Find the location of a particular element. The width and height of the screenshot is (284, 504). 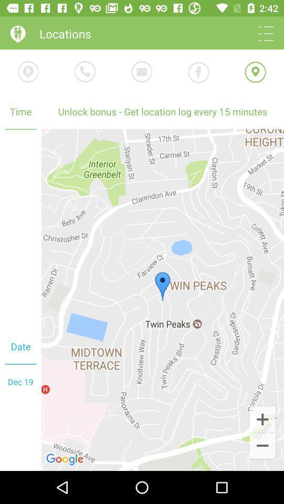

item next to unlock bonus get item is located at coordinates (21, 229).